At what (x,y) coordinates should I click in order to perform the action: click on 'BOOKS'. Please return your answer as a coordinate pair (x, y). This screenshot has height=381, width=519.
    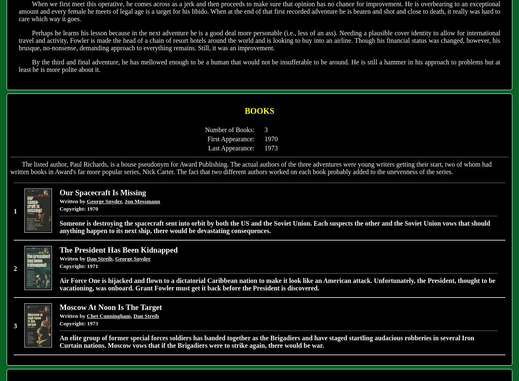
    Looking at the image, I should click on (259, 111).